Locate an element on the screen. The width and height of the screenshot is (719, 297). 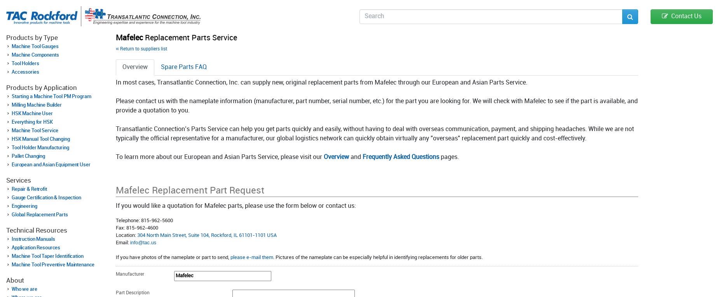
'infο@tac.us' is located at coordinates (143, 242).